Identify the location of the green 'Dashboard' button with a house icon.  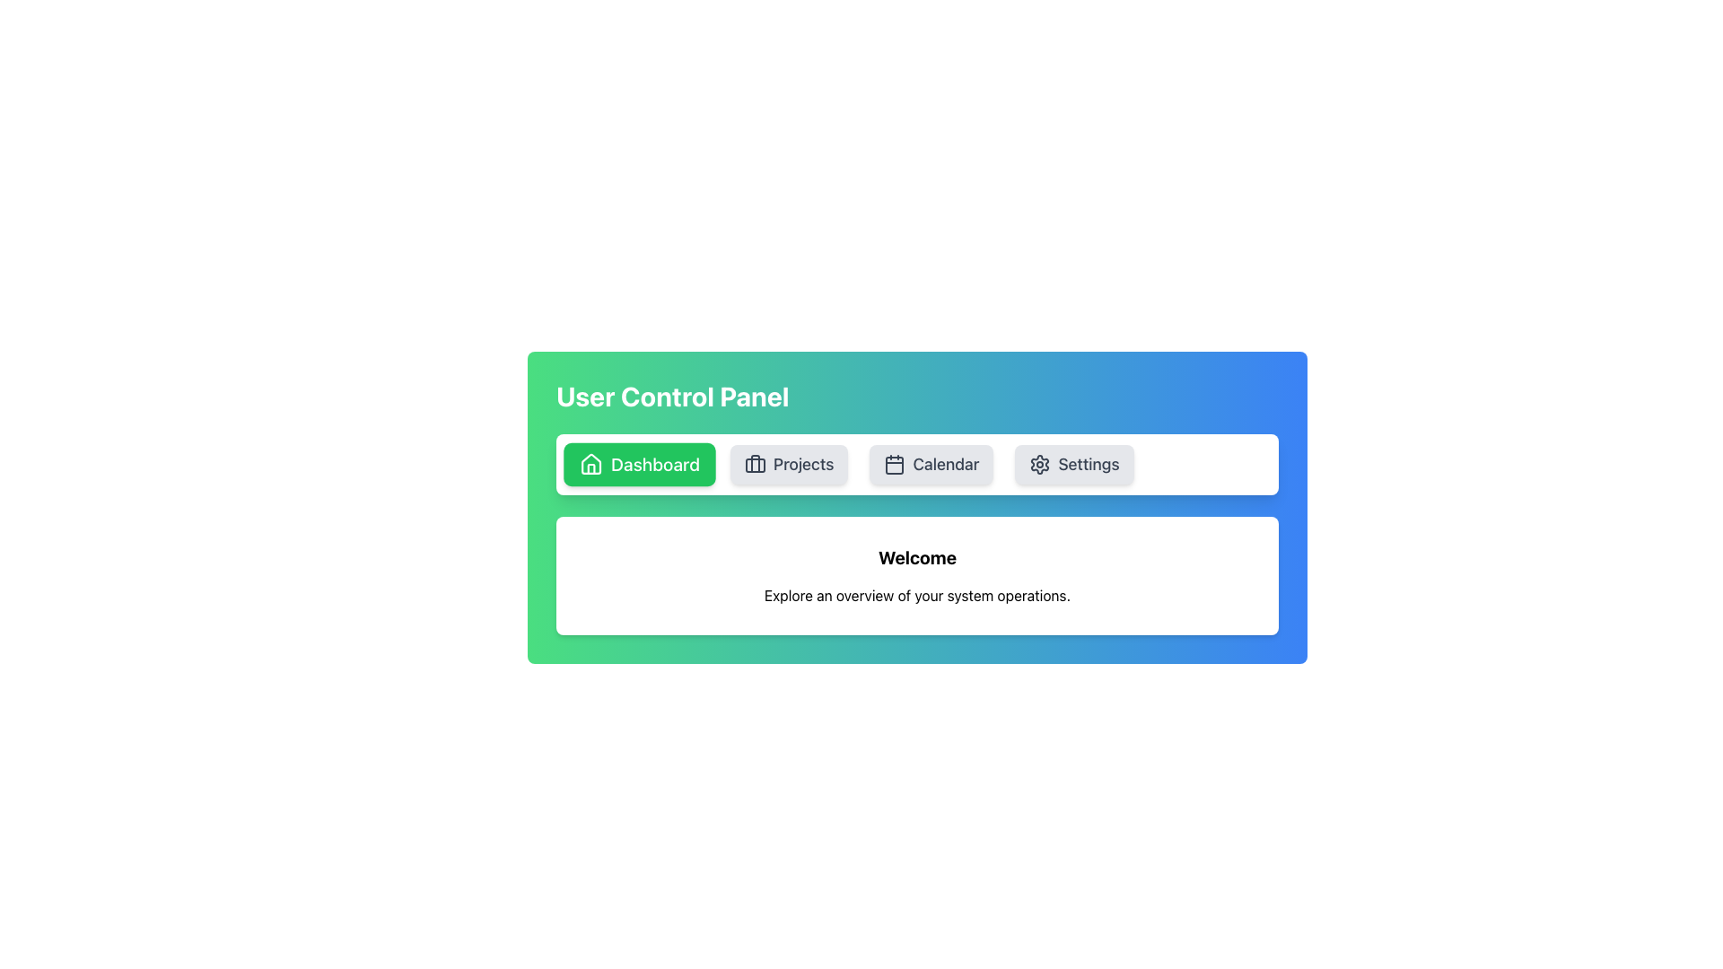
(639, 463).